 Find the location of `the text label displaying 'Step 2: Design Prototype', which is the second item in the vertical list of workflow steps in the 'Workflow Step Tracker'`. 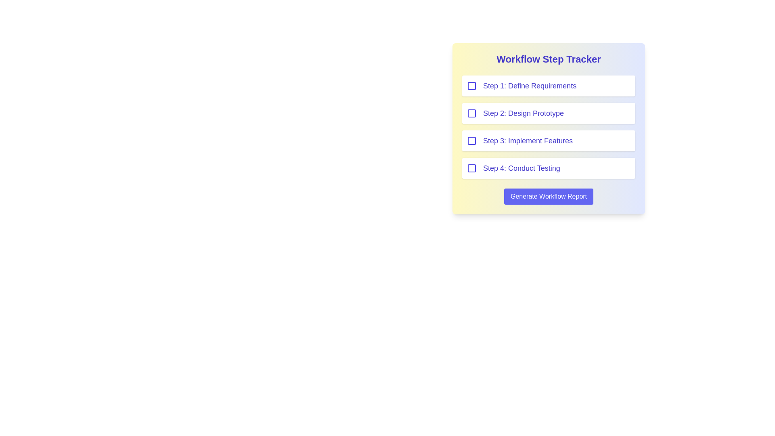

the text label displaying 'Step 2: Design Prototype', which is the second item in the vertical list of workflow steps in the 'Workflow Step Tracker' is located at coordinates (524, 113).